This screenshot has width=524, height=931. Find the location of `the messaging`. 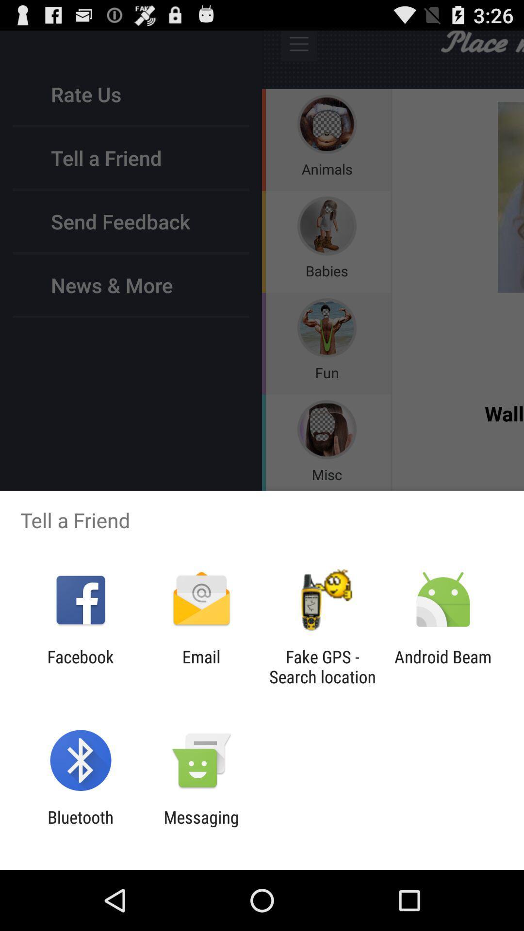

the messaging is located at coordinates (201, 827).